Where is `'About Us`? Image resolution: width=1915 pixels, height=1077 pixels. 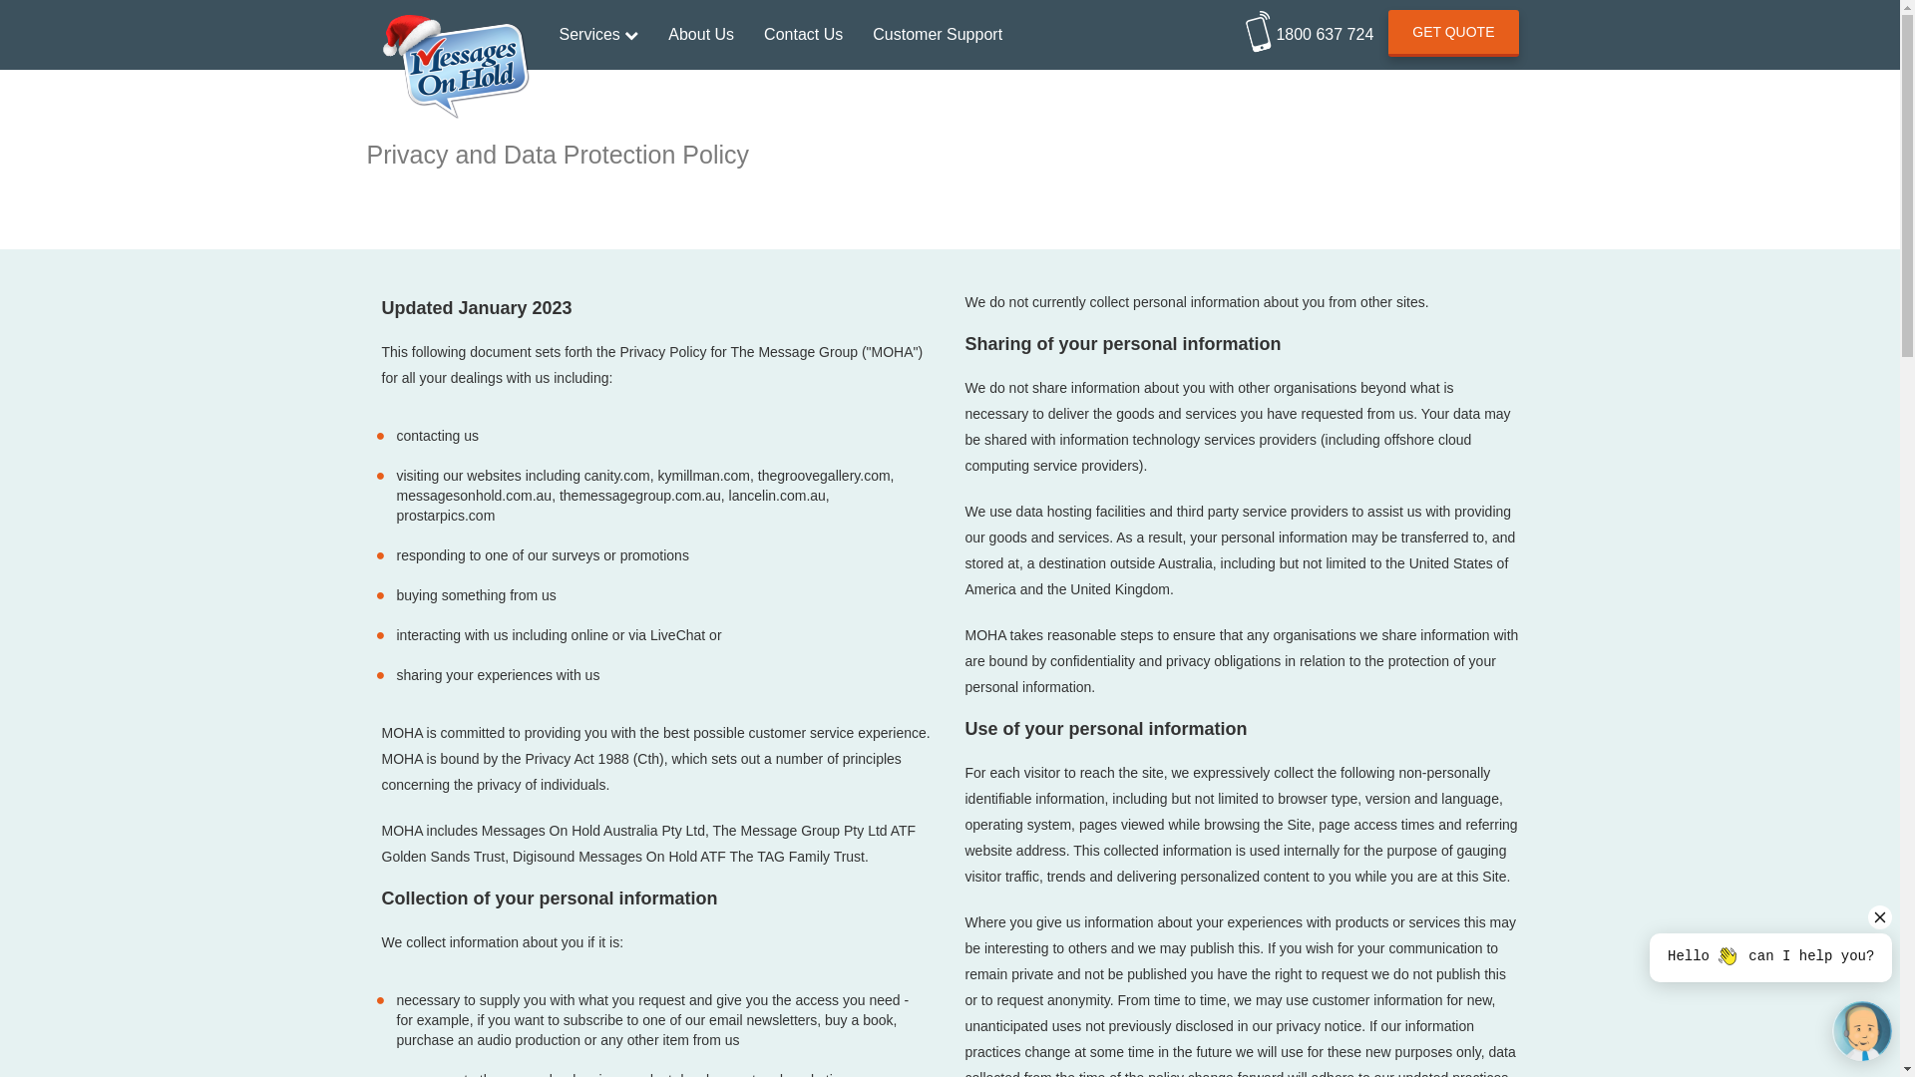
'About Us is located at coordinates (700, 34).